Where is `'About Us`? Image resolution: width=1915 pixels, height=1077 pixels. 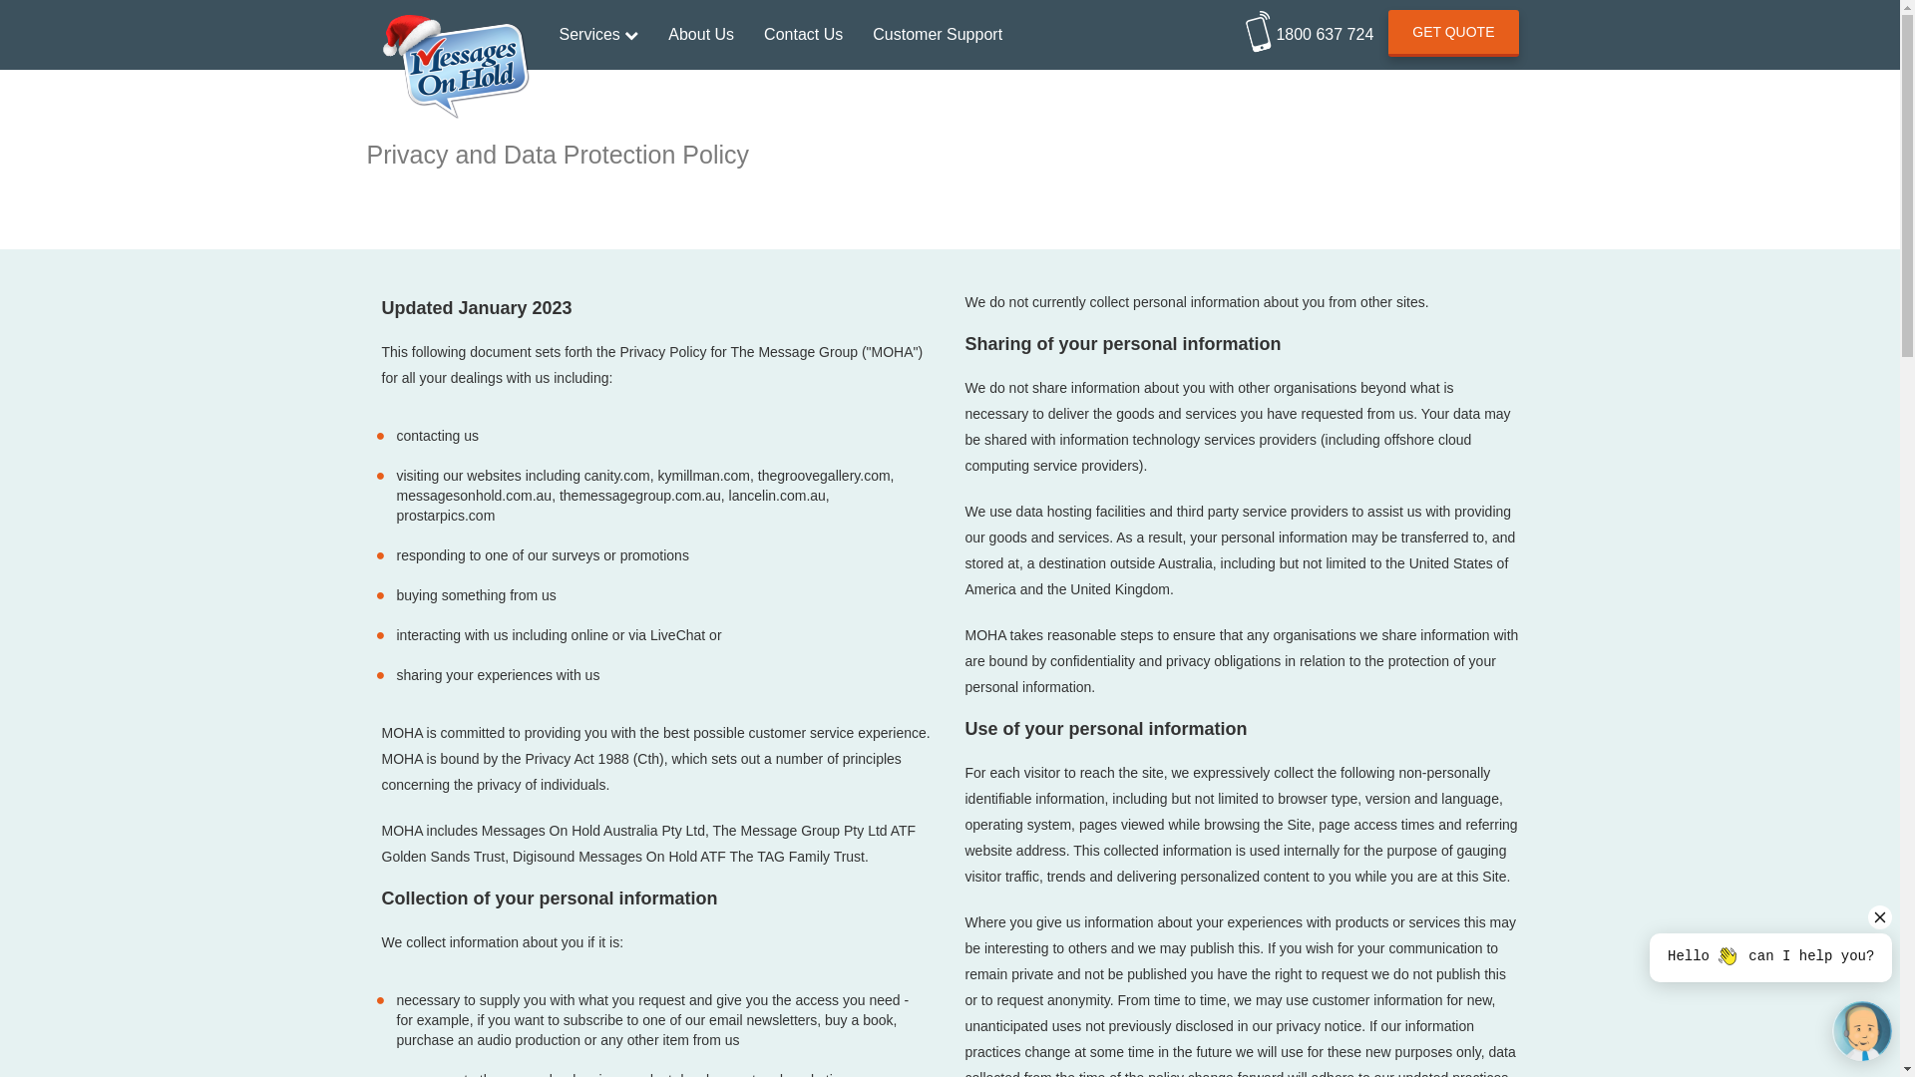
'About Us is located at coordinates (700, 34).